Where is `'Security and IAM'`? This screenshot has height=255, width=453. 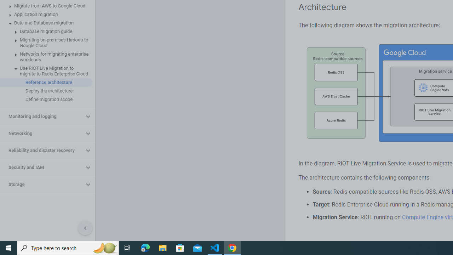
'Security and IAM' is located at coordinates (41, 168).